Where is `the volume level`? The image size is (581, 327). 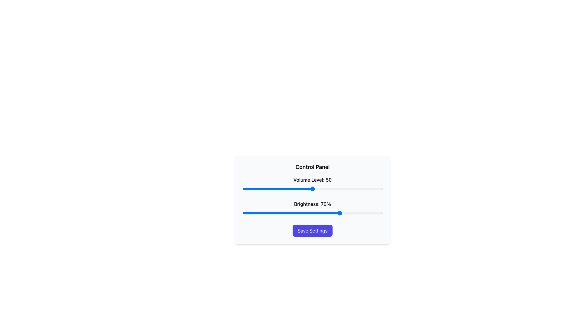
the volume level is located at coordinates (252, 189).